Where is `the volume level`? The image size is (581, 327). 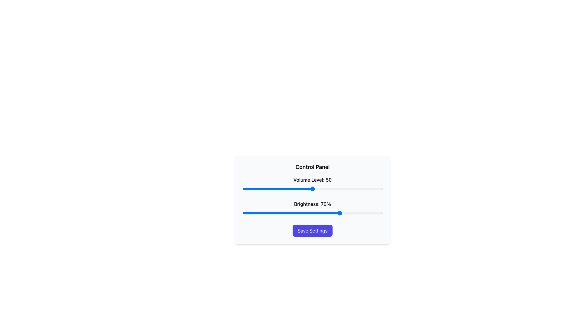
the volume level is located at coordinates (252, 189).